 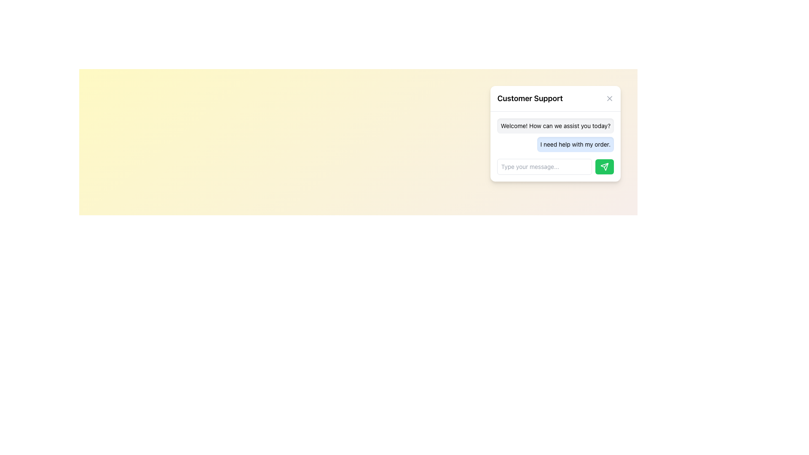 I want to click on the graphical close button icon located at the top right corner of the 'Customer Support' dialog box, so click(x=609, y=98).